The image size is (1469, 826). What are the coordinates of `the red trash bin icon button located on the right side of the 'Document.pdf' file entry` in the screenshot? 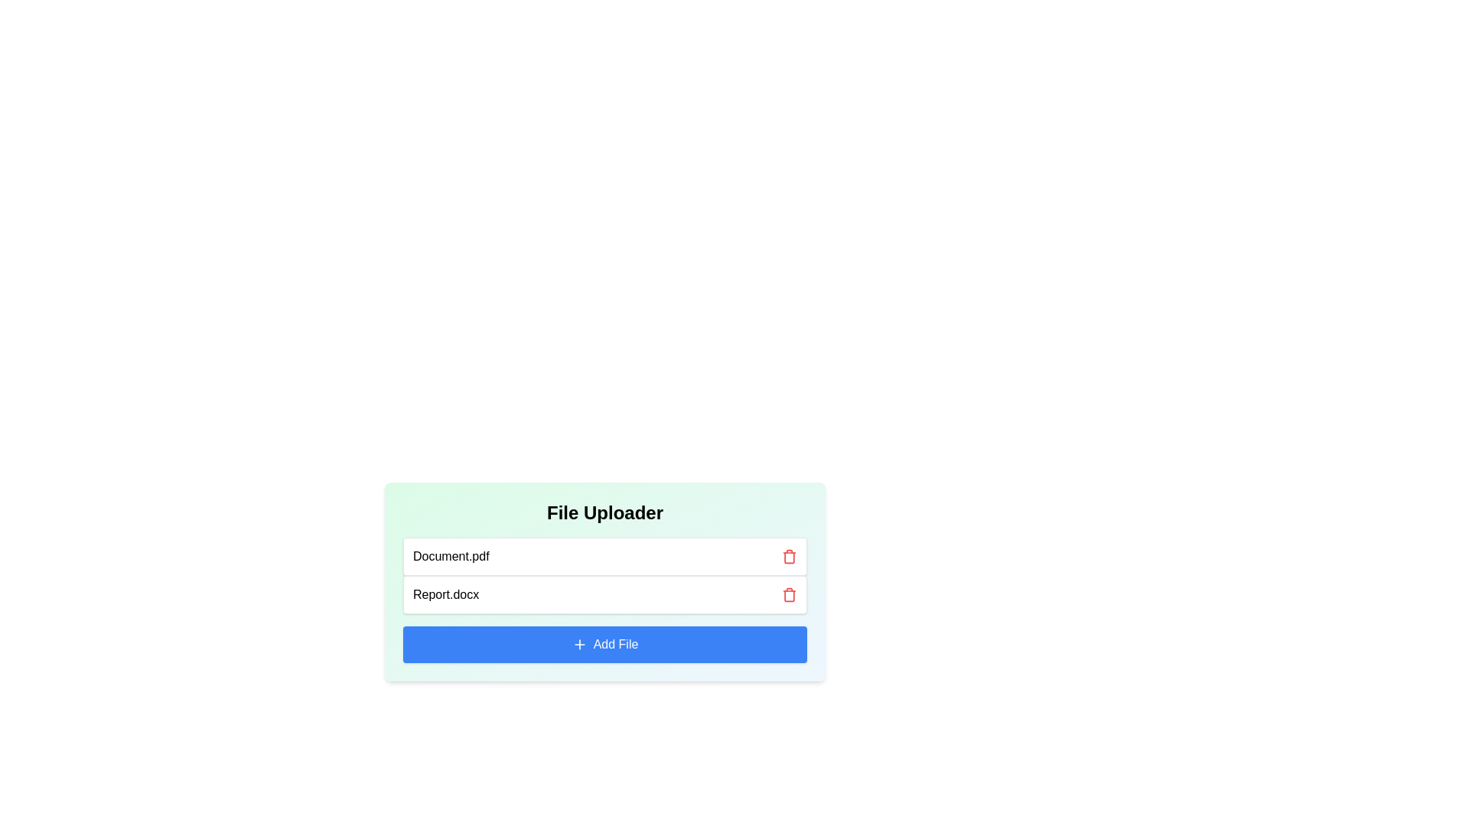 It's located at (790, 557).